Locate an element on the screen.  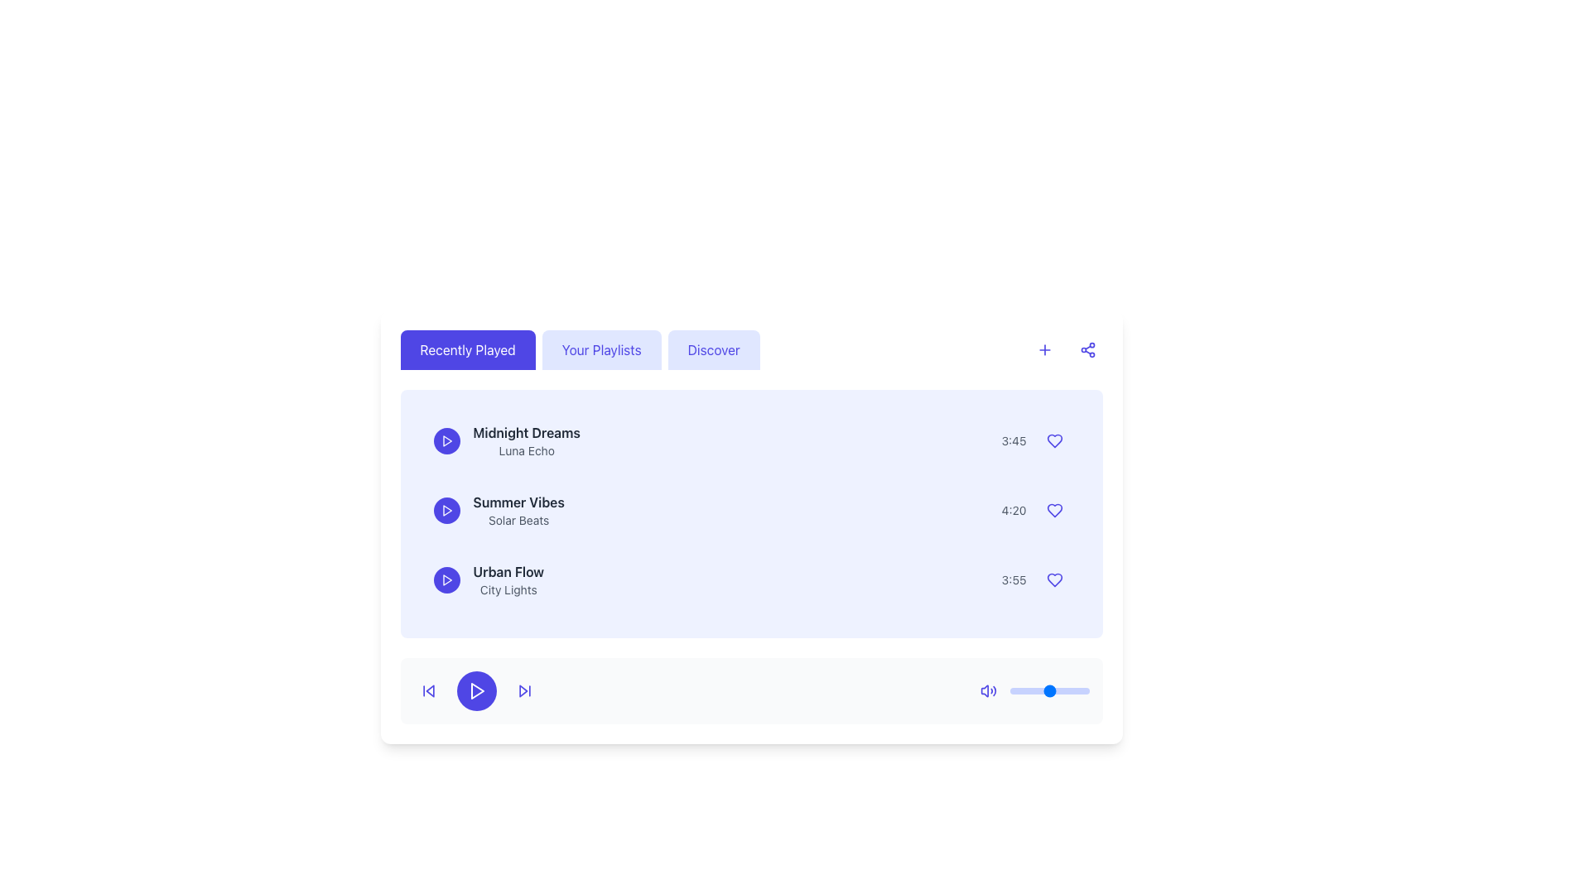
text block displaying 'Urban Flow' and 'City Lights', which is located under 'Summer Vibes' and above the time duration '3:55' in the vertical list of songs is located at coordinates (488, 579).